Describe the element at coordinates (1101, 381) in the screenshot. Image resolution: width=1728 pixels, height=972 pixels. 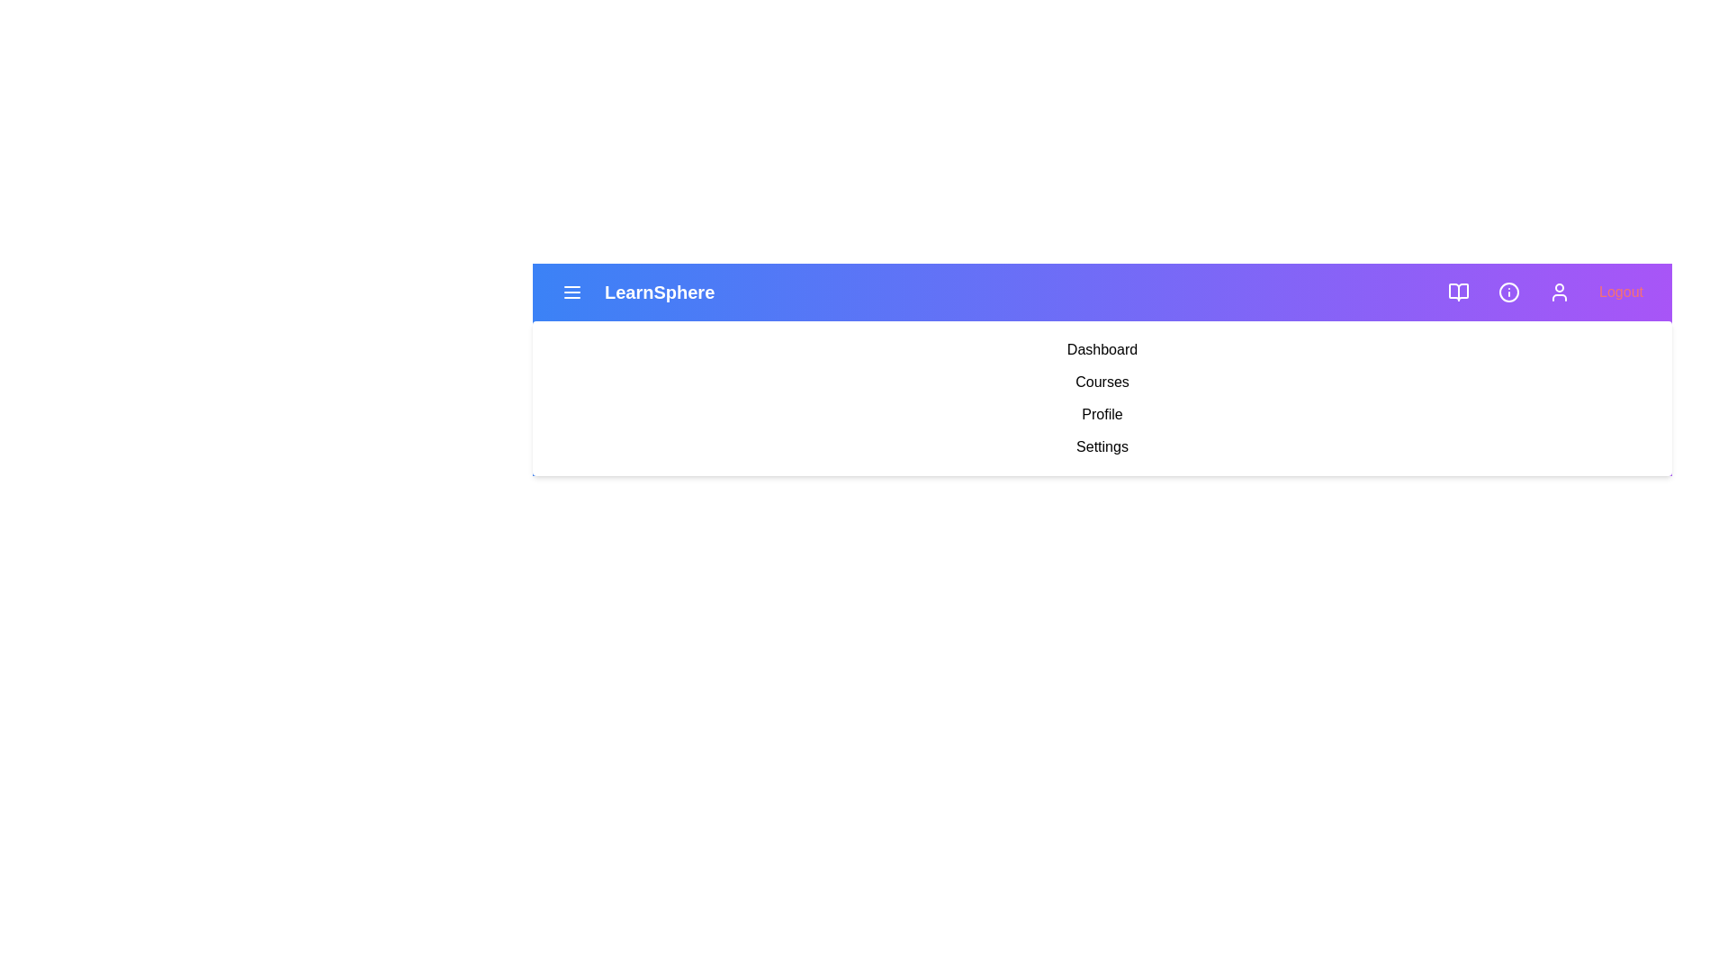
I see `the menu item labeled Courses to navigate to the corresponding section` at that location.